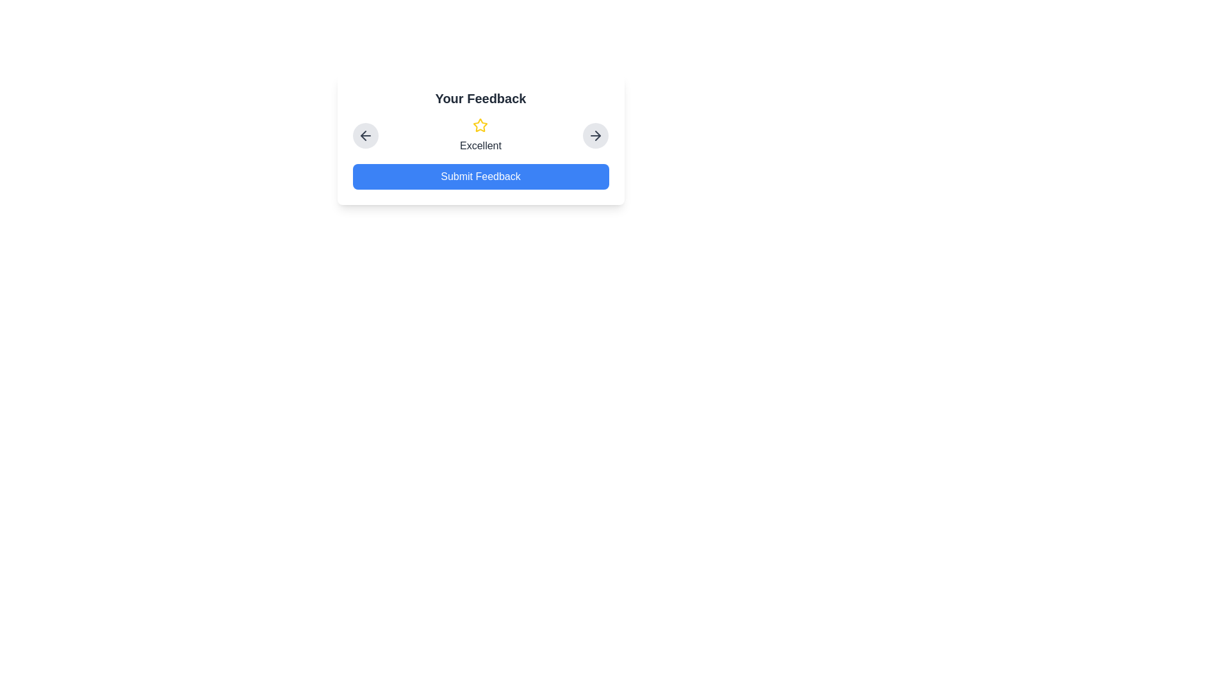  I want to click on the feedback submission button located at the bottom of the layout, below the text 'Excellent' and a star icon, to observe any hover effects, so click(480, 177).